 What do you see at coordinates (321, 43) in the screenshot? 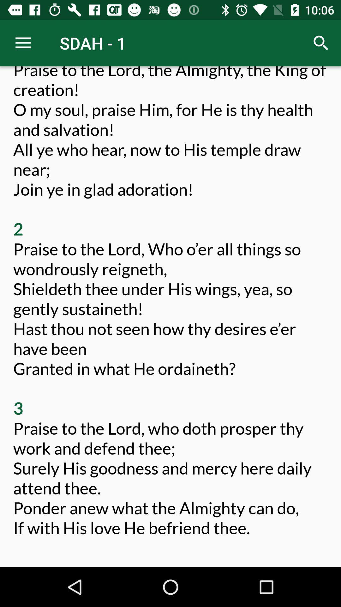
I see `icon to the right of sdah - 1` at bounding box center [321, 43].